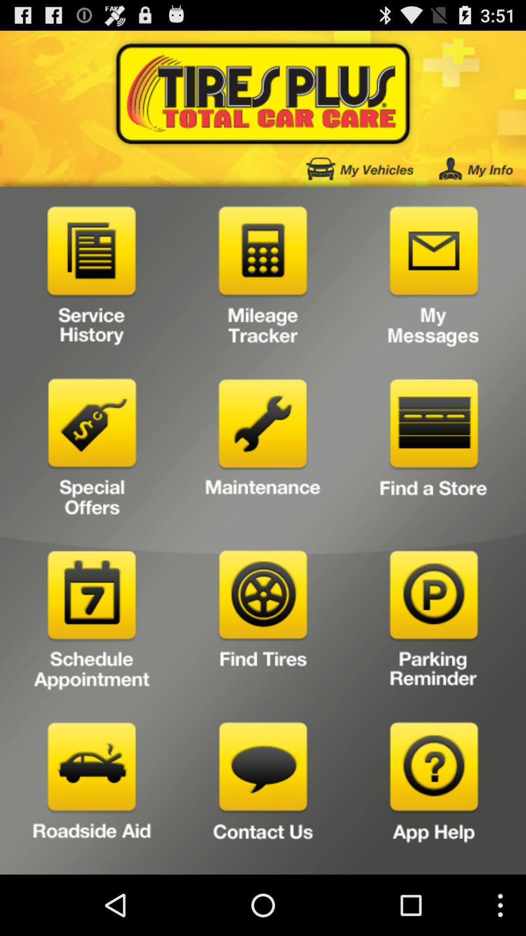 The width and height of the screenshot is (526, 936). What do you see at coordinates (92, 450) in the screenshot?
I see `button to go to special offers` at bounding box center [92, 450].